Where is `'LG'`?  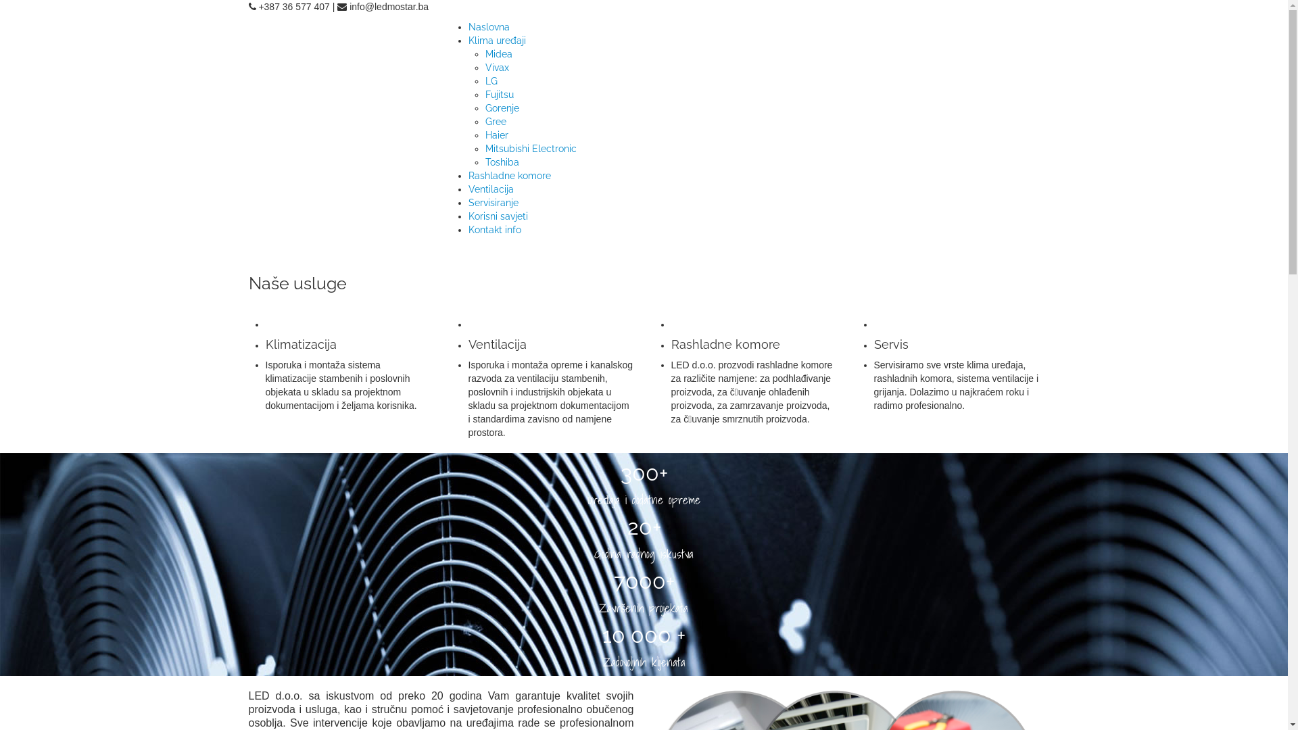 'LG' is located at coordinates (490, 80).